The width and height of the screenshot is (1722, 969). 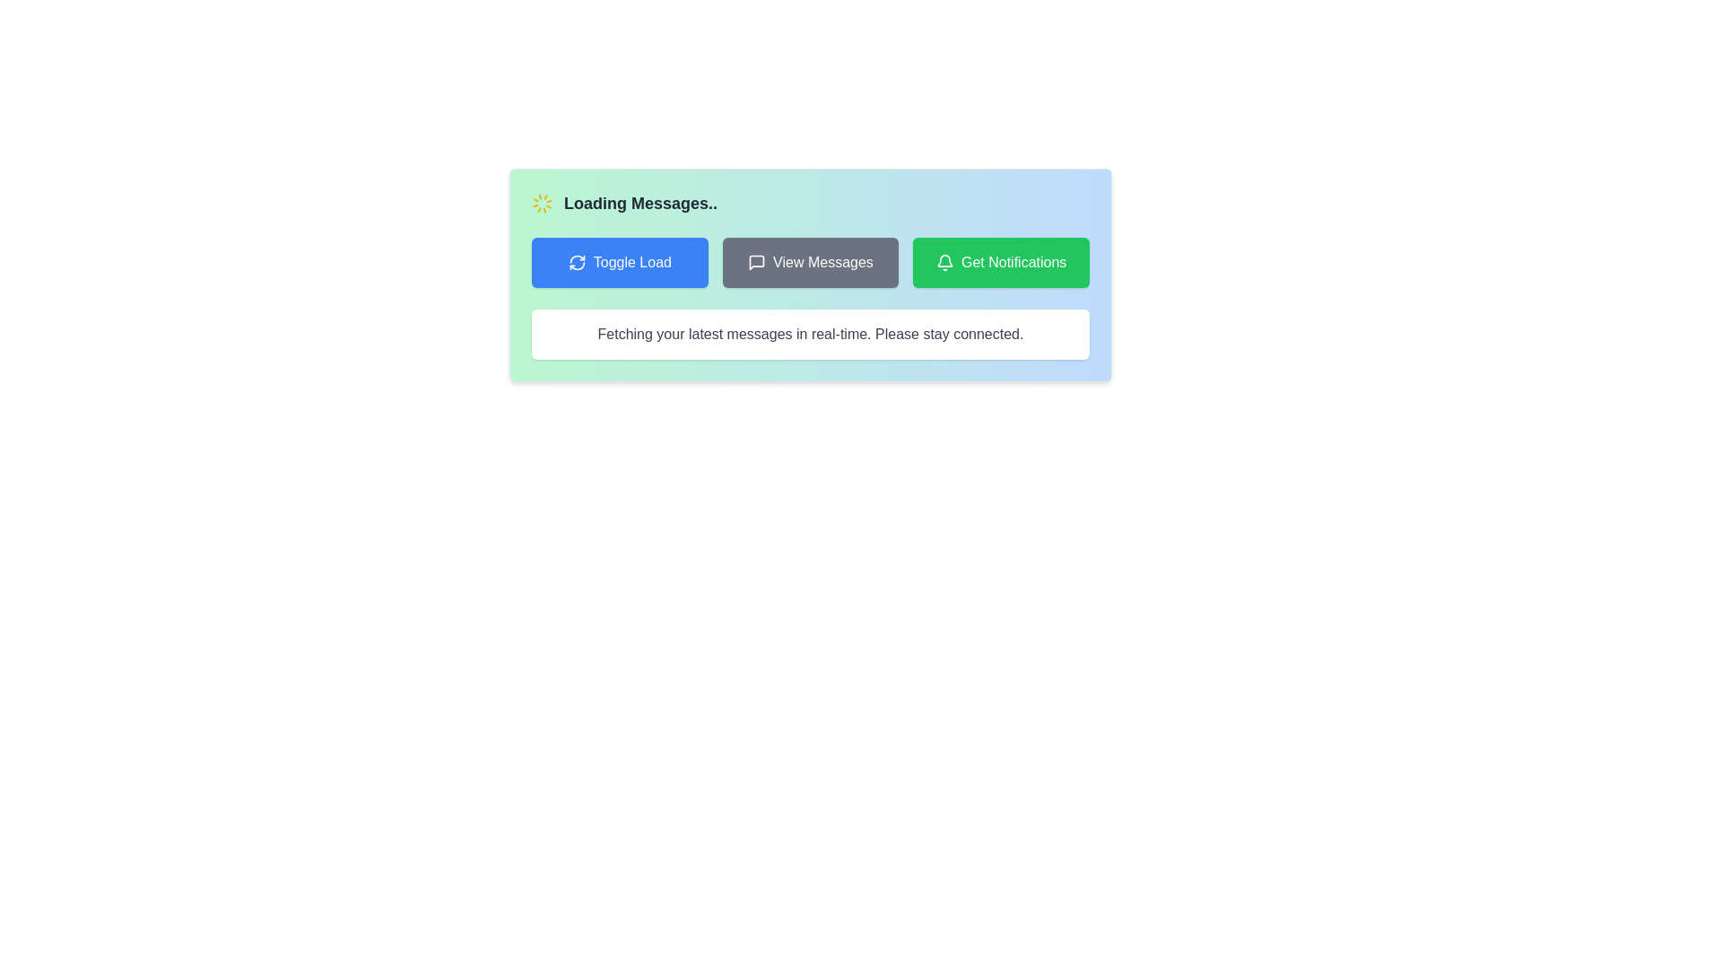 What do you see at coordinates (809, 335) in the screenshot?
I see `text displayed in the white, rounded, shadowed box located in the lower-middle section of the interface, which informs the user about the real-time fetching of messages and requests them to remain connected` at bounding box center [809, 335].